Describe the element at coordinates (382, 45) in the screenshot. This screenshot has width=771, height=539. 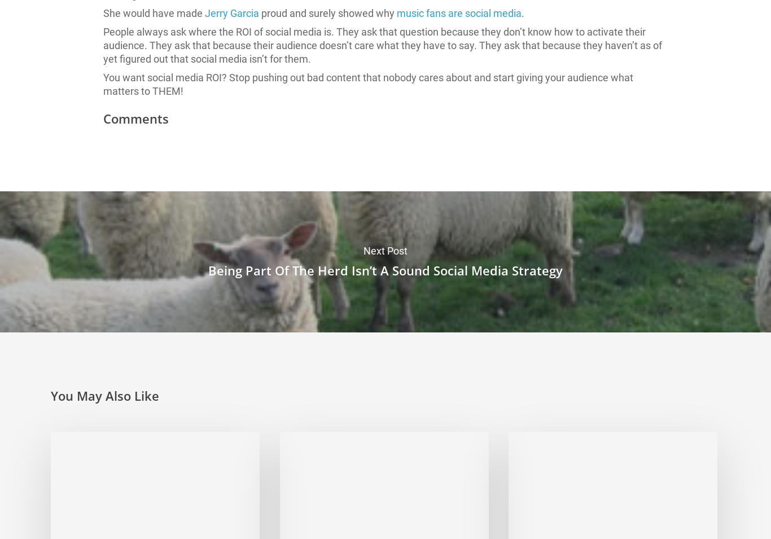
I see `'People always ask where the ROI of social media is. They ask that question because they don’t know how to activate their audience. They ask that because their audience doesn’t care what they have to say. They ask that because they haven’t as of yet figured out that social media isn’t for them.'` at that location.